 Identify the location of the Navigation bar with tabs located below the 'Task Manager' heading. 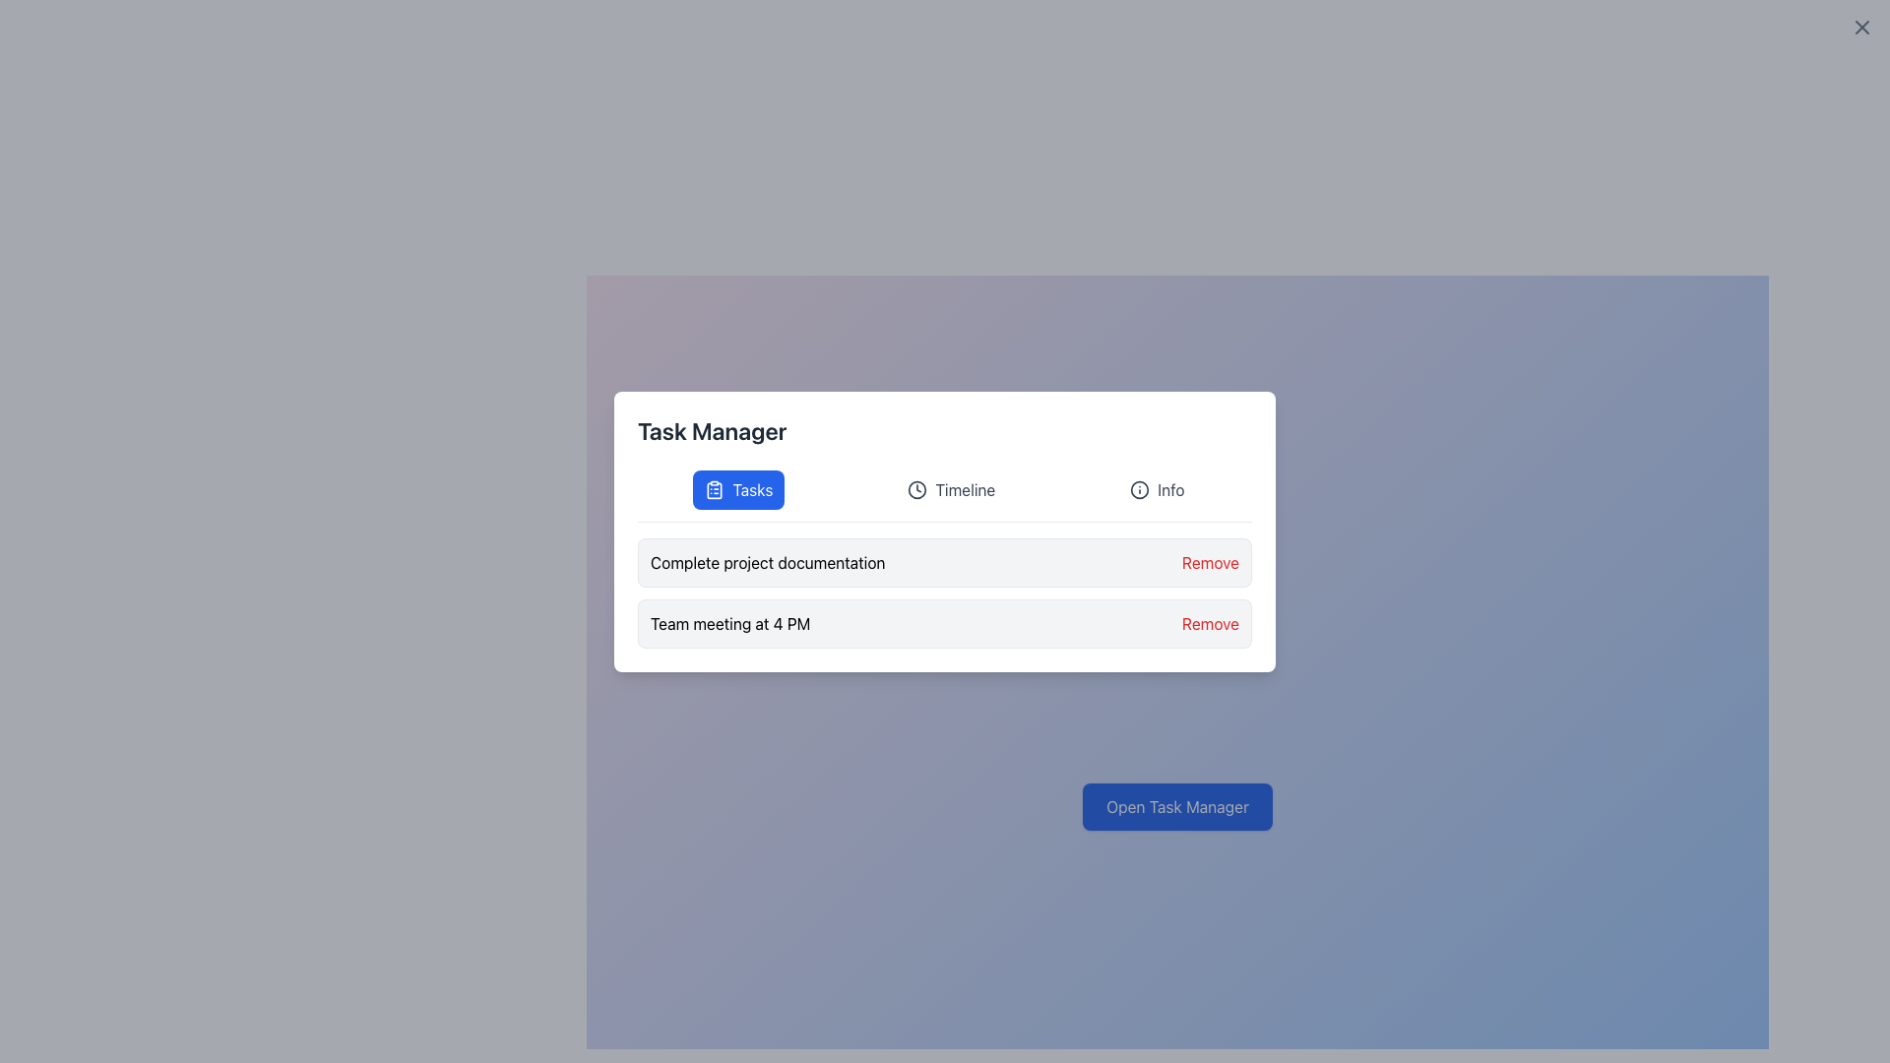
(945, 495).